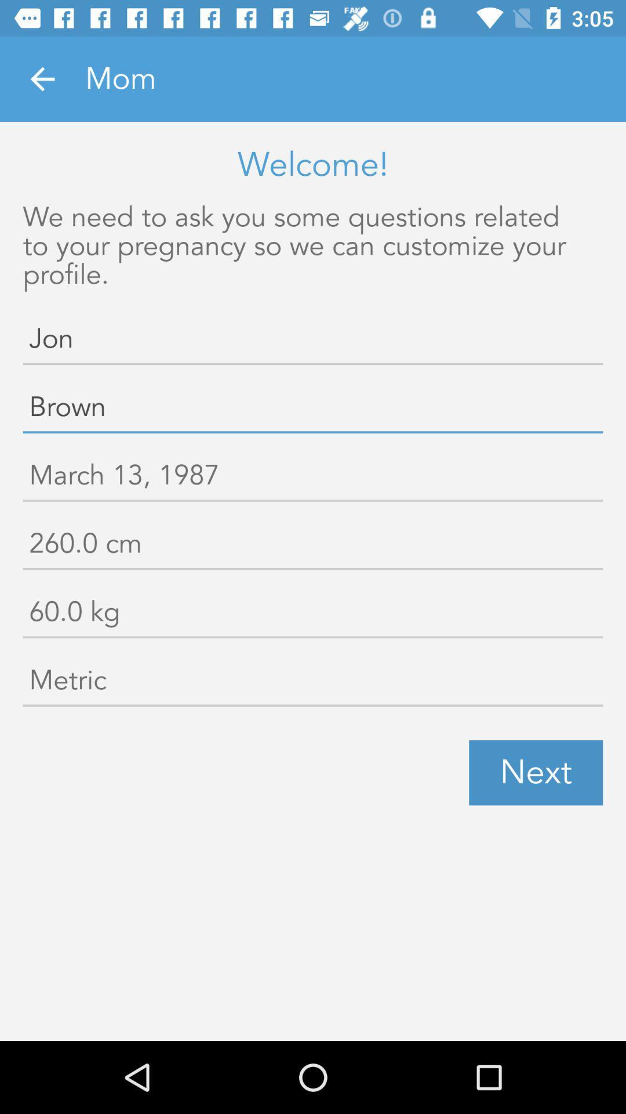  What do you see at coordinates (536, 773) in the screenshot?
I see `the icon at the bottom right corner` at bounding box center [536, 773].